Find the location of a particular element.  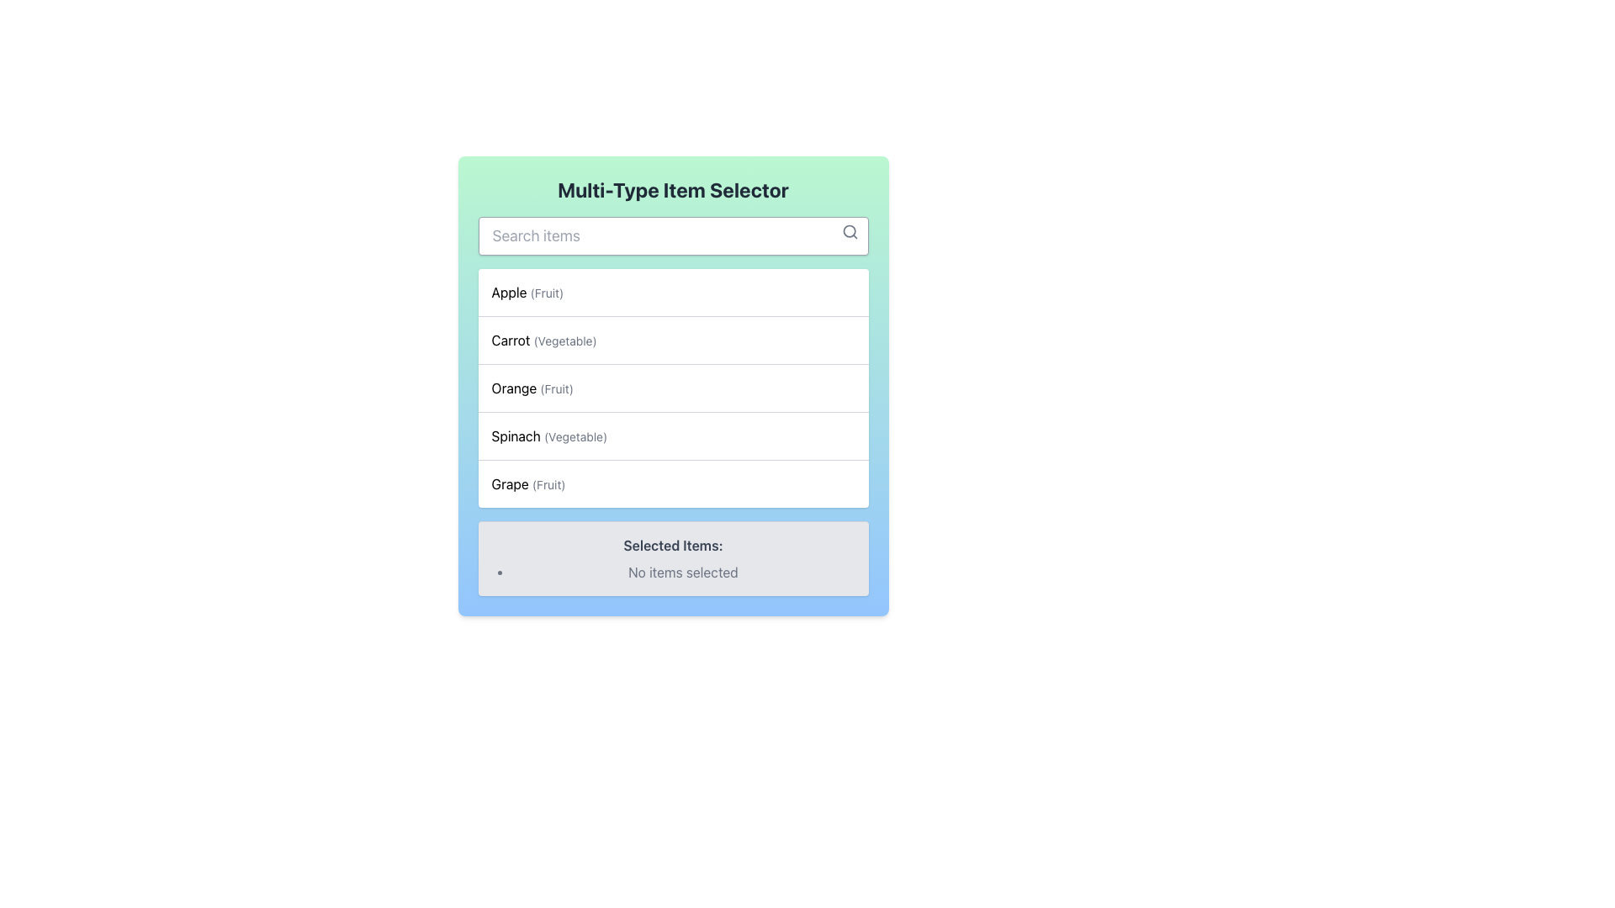

the fourth item in the selectable list under the header 'Multi-Type Item Selector', located between 'Orange (Fruit)' and 'Grape (Fruit).' is located at coordinates (549, 436).